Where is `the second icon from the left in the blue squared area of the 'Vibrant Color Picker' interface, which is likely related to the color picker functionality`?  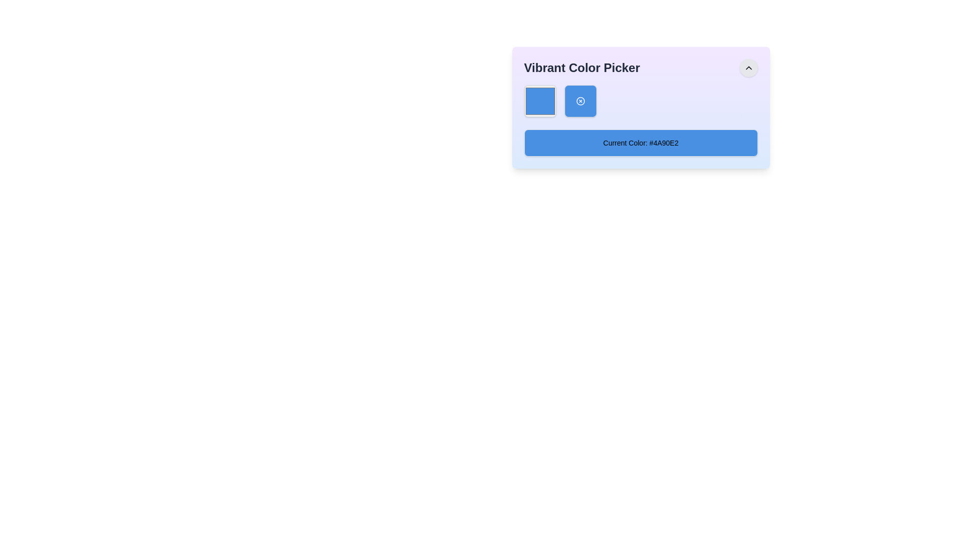 the second icon from the left in the blue squared area of the 'Vibrant Color Picker' interface, which is likely related to the color picker functionality is located at coordinates (580, 101).